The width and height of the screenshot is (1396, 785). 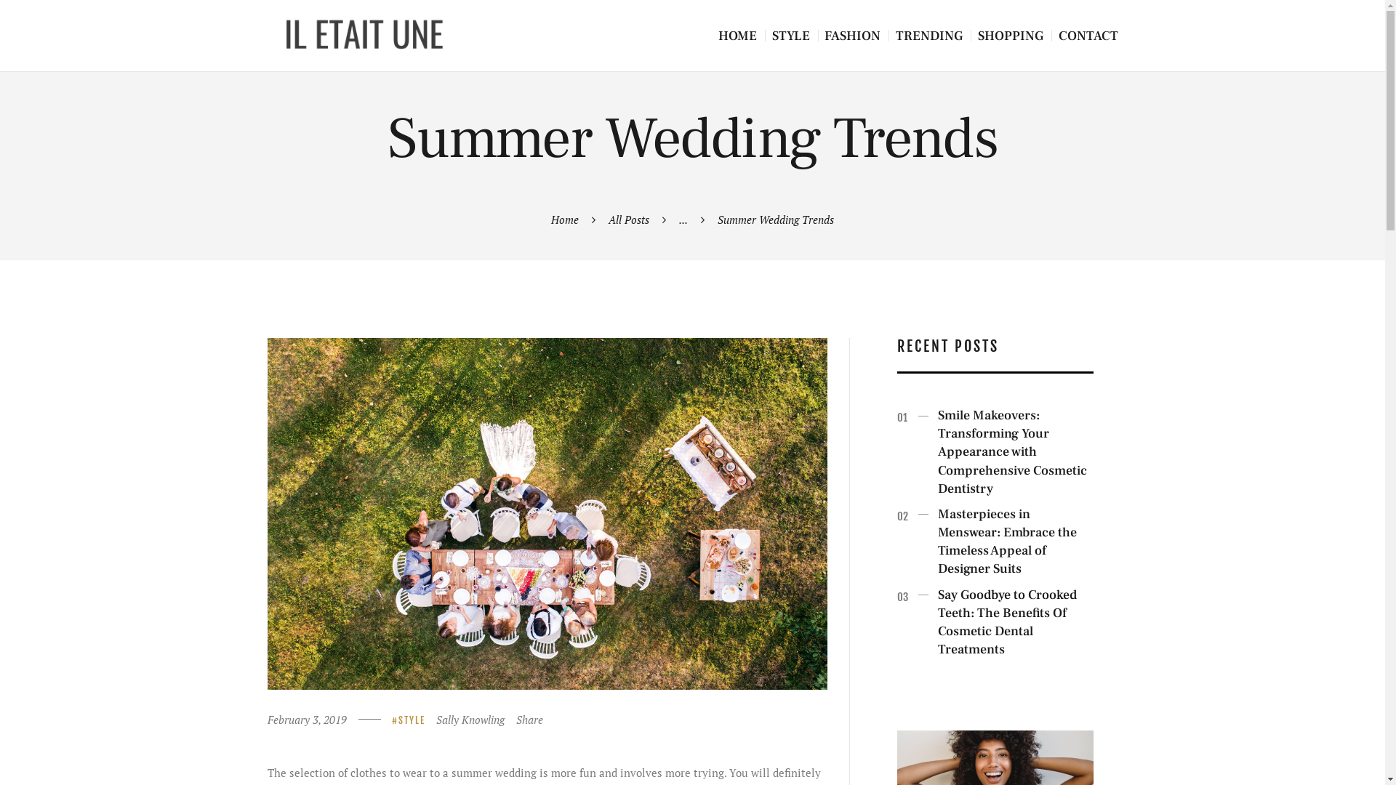 What do you see at coordinates (407, 720) in the screenshot?
I see `'STYLE'` at bounding box center [407, 720].